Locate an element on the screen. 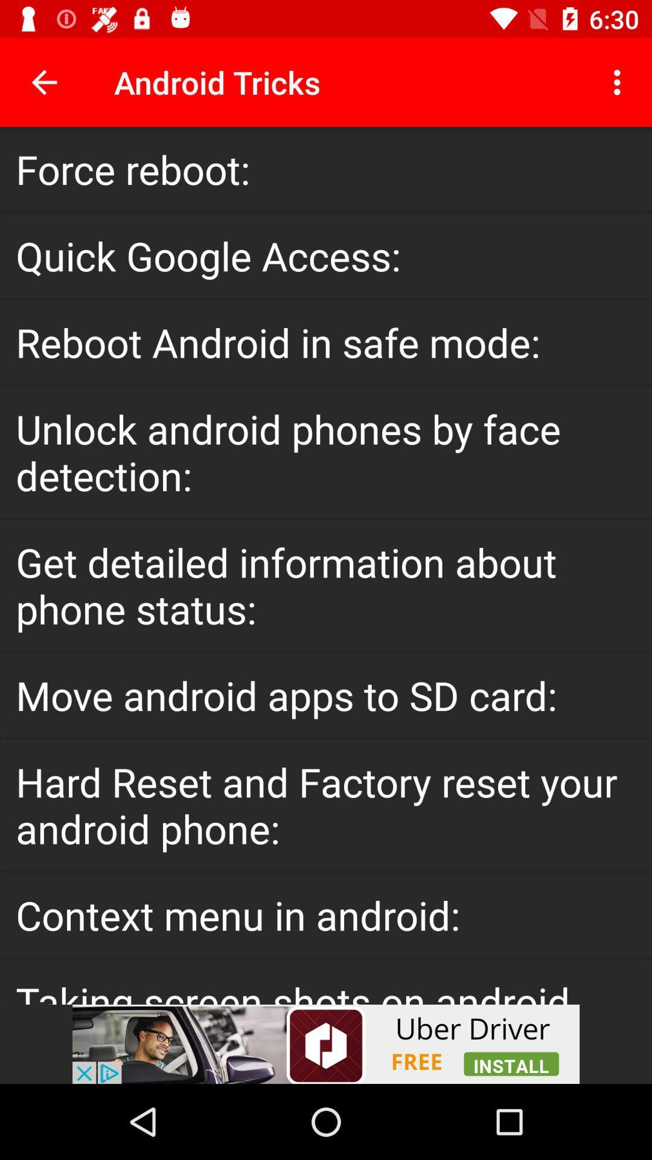  advertisement is located at coordinates (326, 1043).